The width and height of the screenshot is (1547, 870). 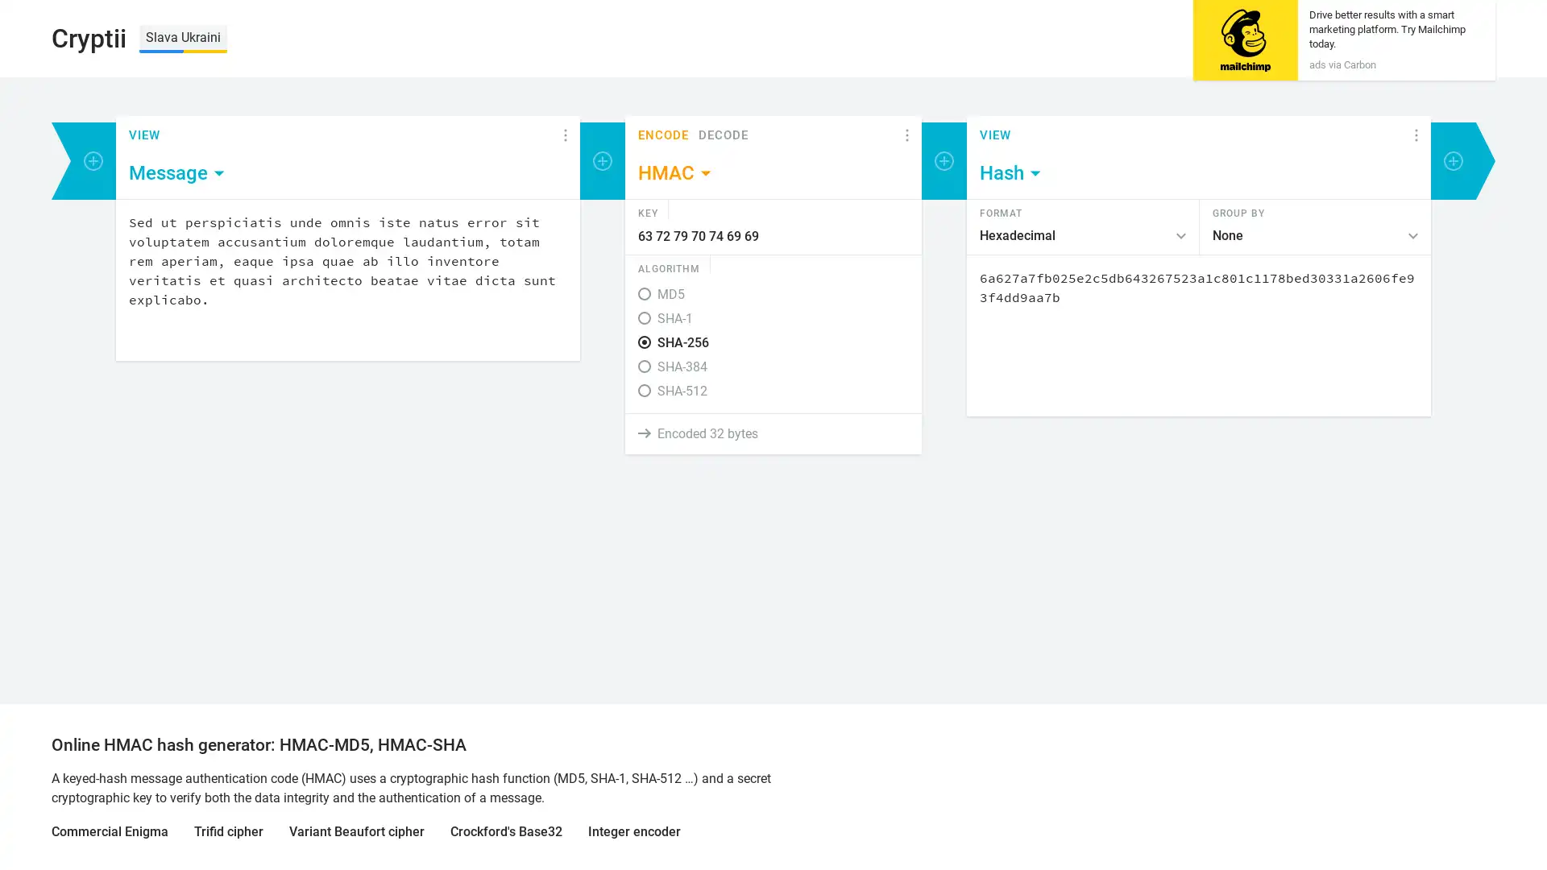 What do you see at coordinates (1010, 173) in the screenshot?
I see `Hash` at bounding box center [1010, 173].